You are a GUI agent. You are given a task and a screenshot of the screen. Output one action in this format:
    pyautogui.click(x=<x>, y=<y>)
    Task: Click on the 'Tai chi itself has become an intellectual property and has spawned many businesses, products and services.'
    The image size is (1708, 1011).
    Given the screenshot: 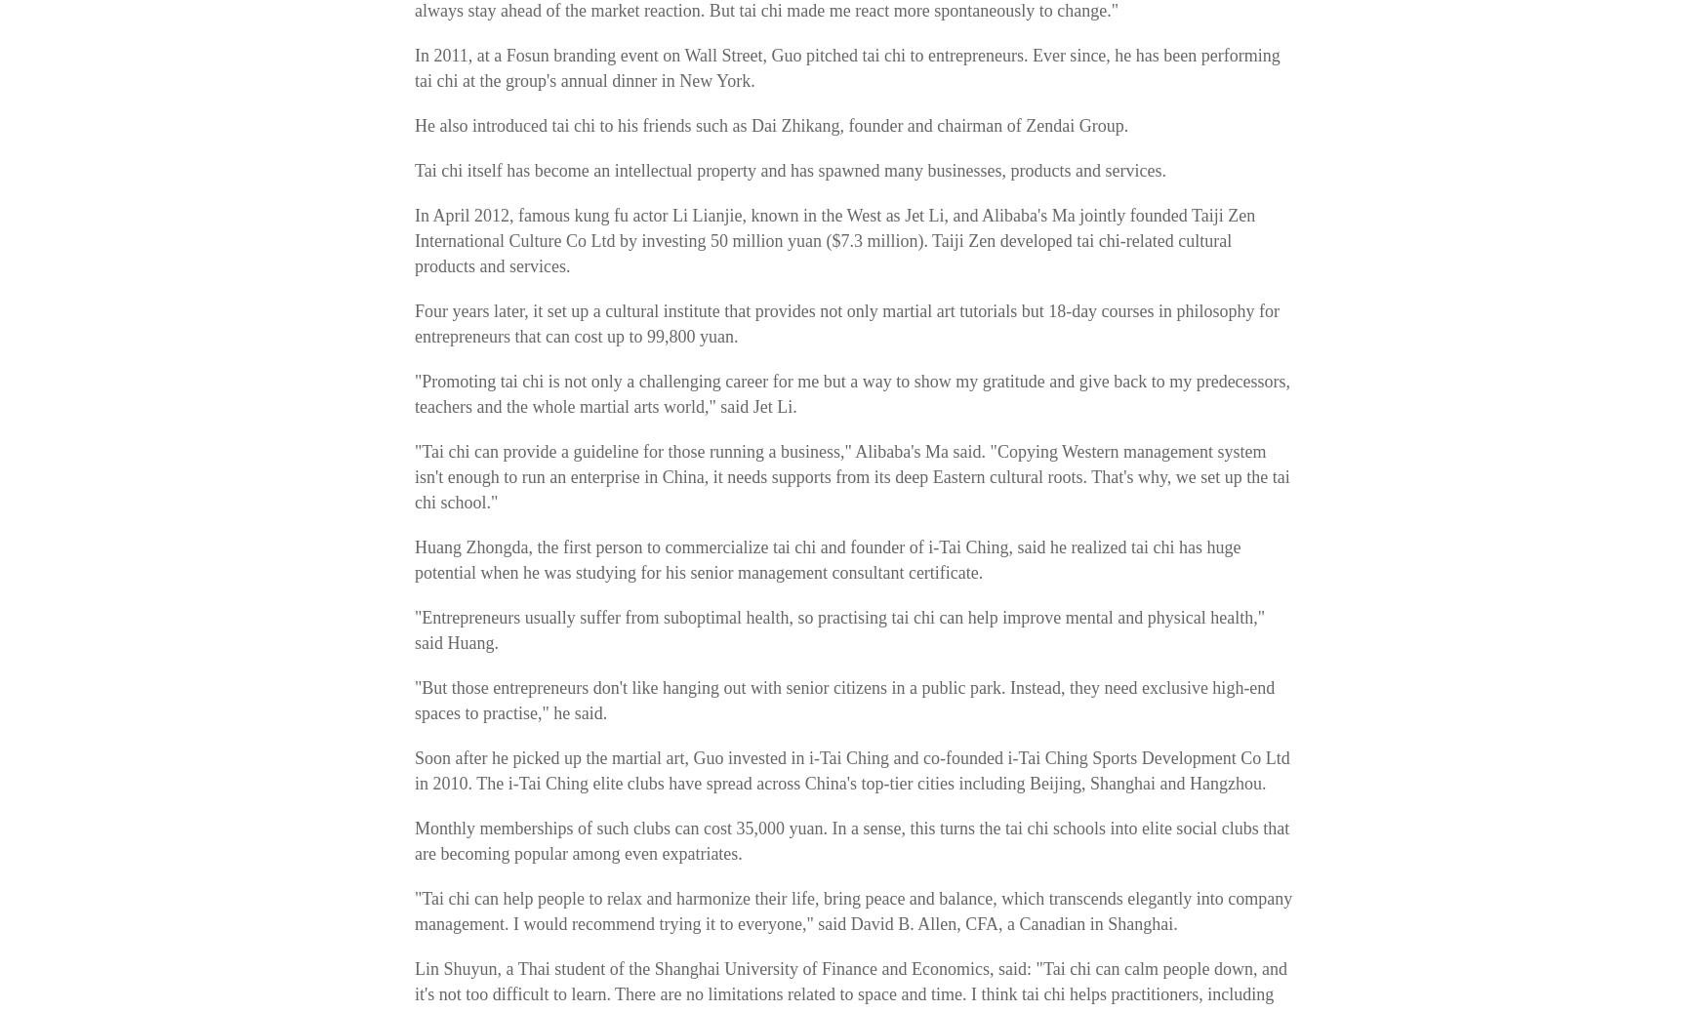 What is the action you would take?
    pyautogui.click(x=790, y=170)
    